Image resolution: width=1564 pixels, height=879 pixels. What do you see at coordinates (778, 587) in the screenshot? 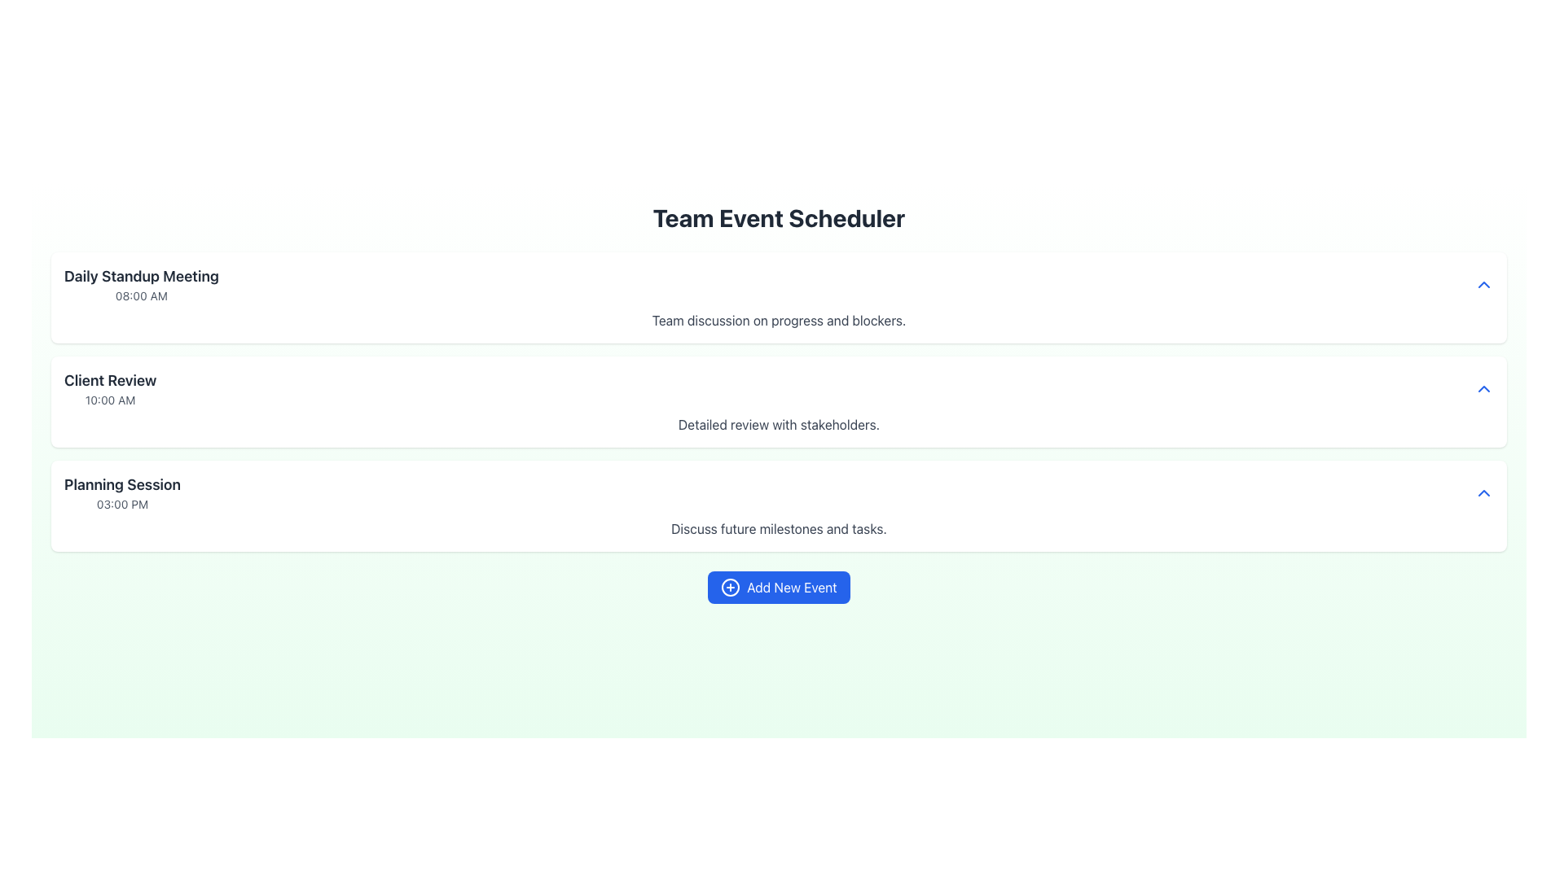
I see `the interactive button that allows users to create or schedule a new event in the team event scheduler` at bounding box center [778, 587].